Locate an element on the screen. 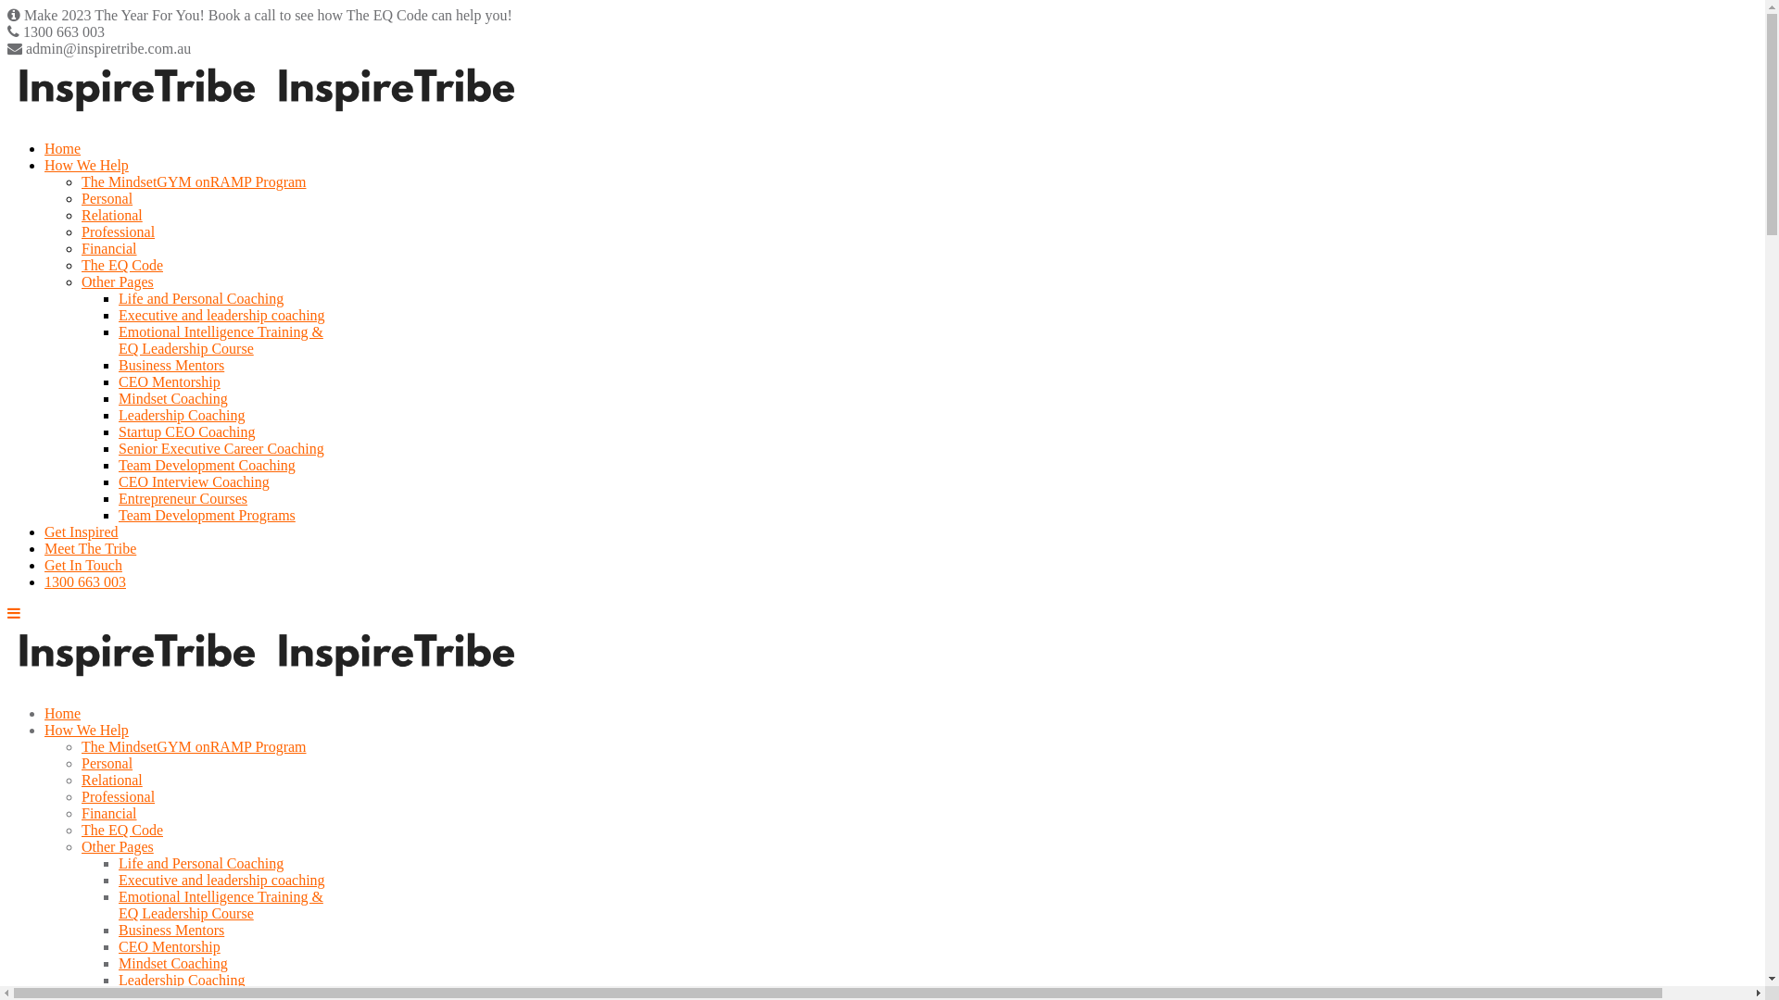 Image resolution: width=1779 pixels, height=1000 pixels. 'Leadership Coaching' is located at coordinates (182, 979).